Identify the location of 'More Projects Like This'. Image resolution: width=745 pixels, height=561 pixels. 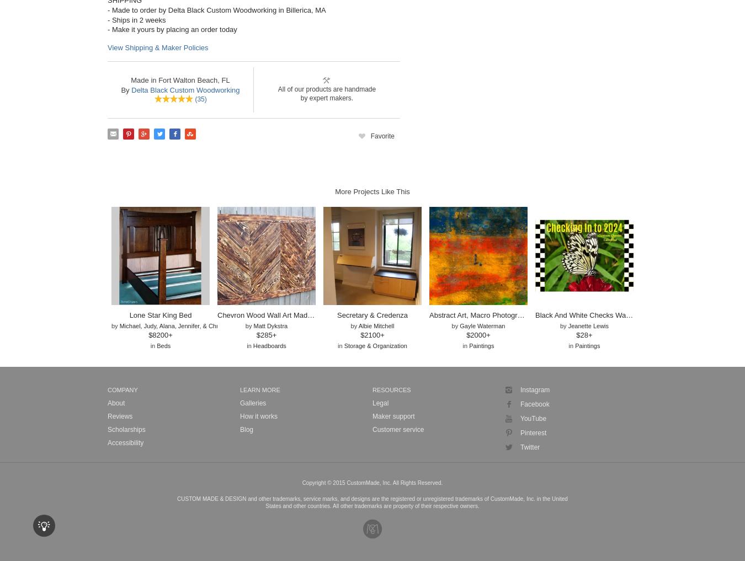
(372, 190).